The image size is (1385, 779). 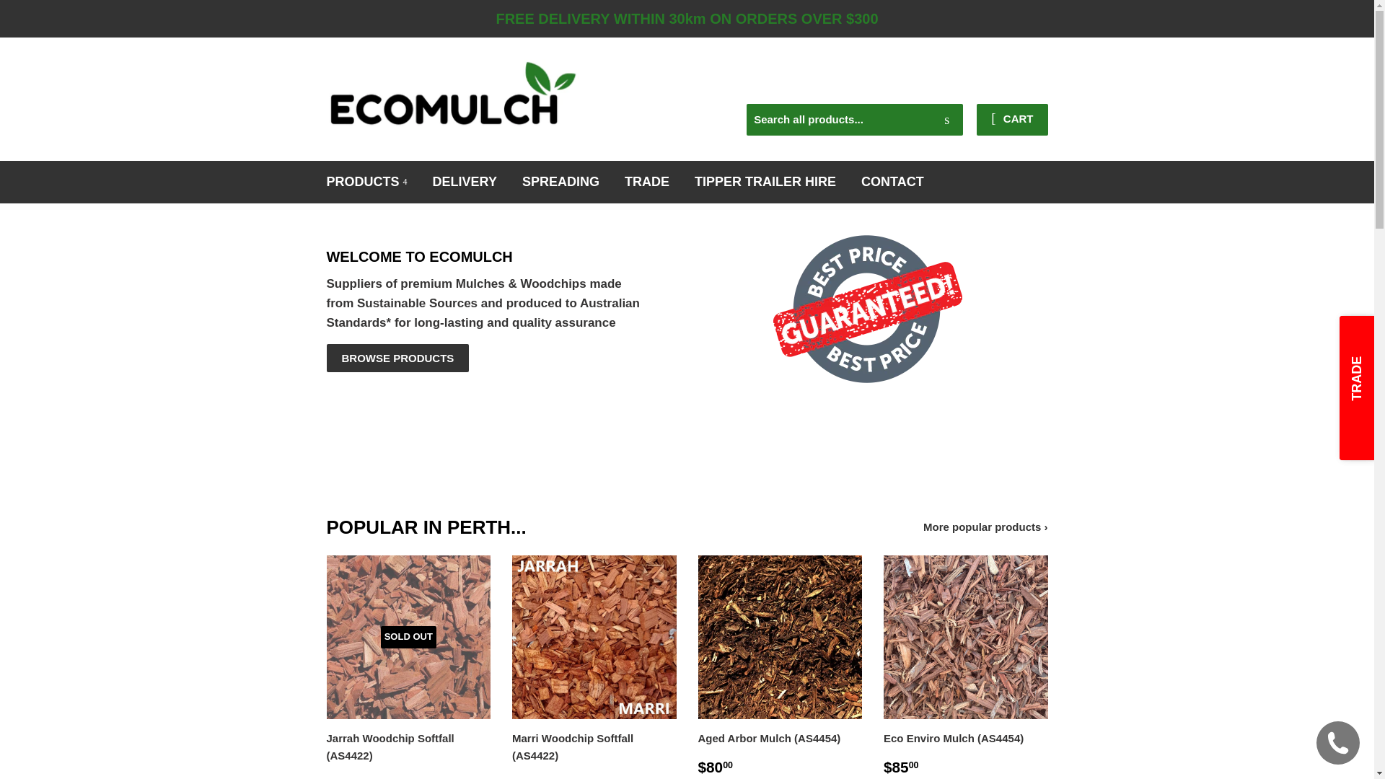 I want to click on 'Create an Account', so click(x=1006, y=84).